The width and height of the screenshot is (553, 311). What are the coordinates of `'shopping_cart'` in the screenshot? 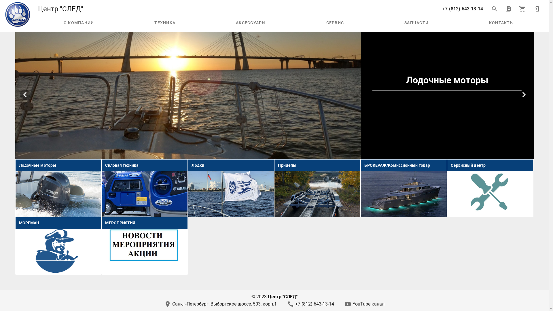 It's located at (515, 9).